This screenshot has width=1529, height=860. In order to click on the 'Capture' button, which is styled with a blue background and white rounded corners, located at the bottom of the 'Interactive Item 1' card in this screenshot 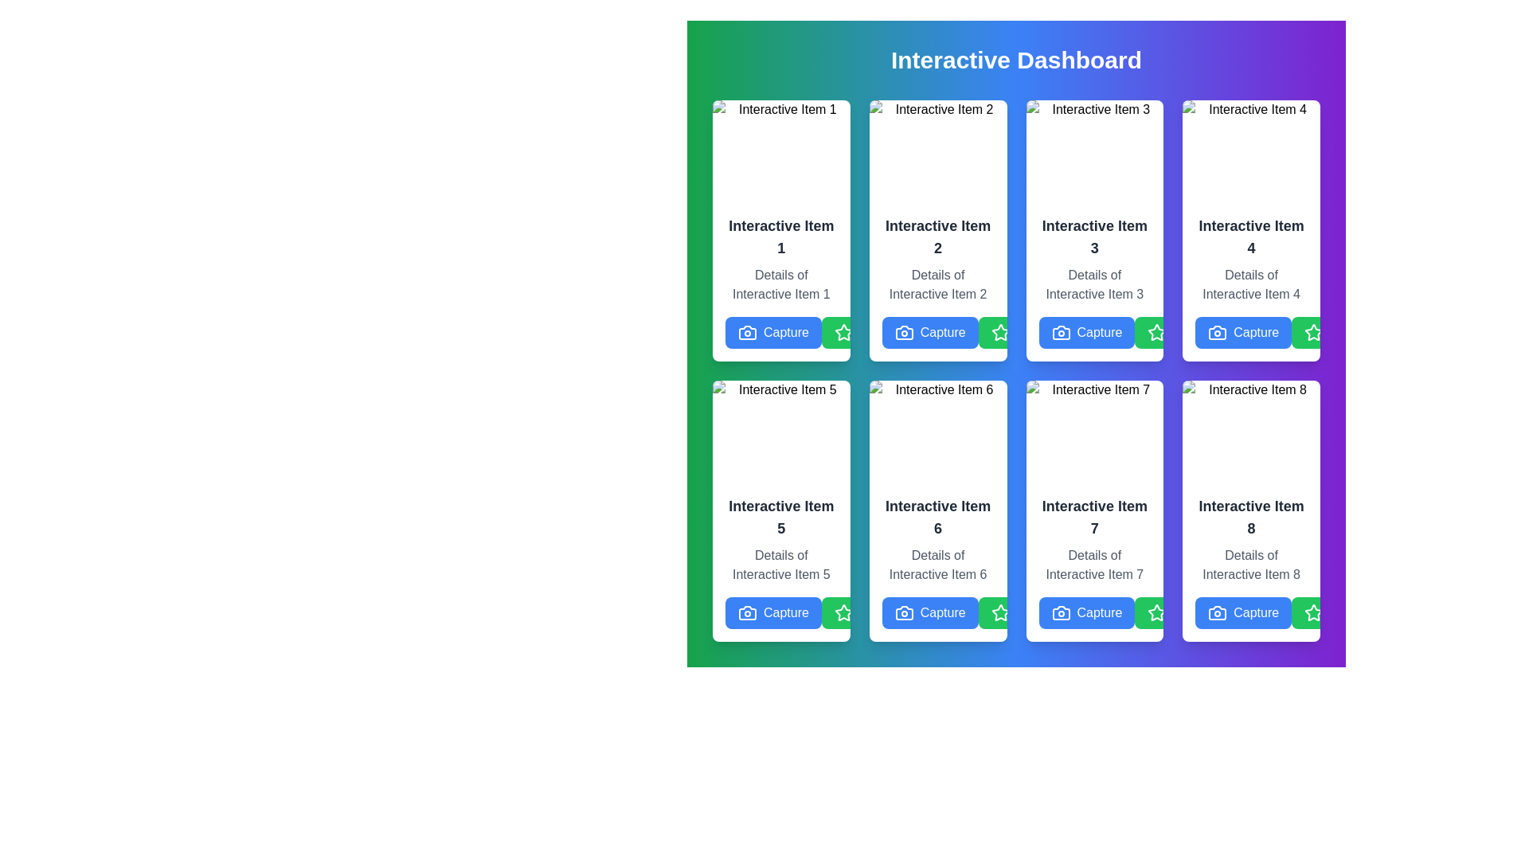, I will do `click(781, 331)`.